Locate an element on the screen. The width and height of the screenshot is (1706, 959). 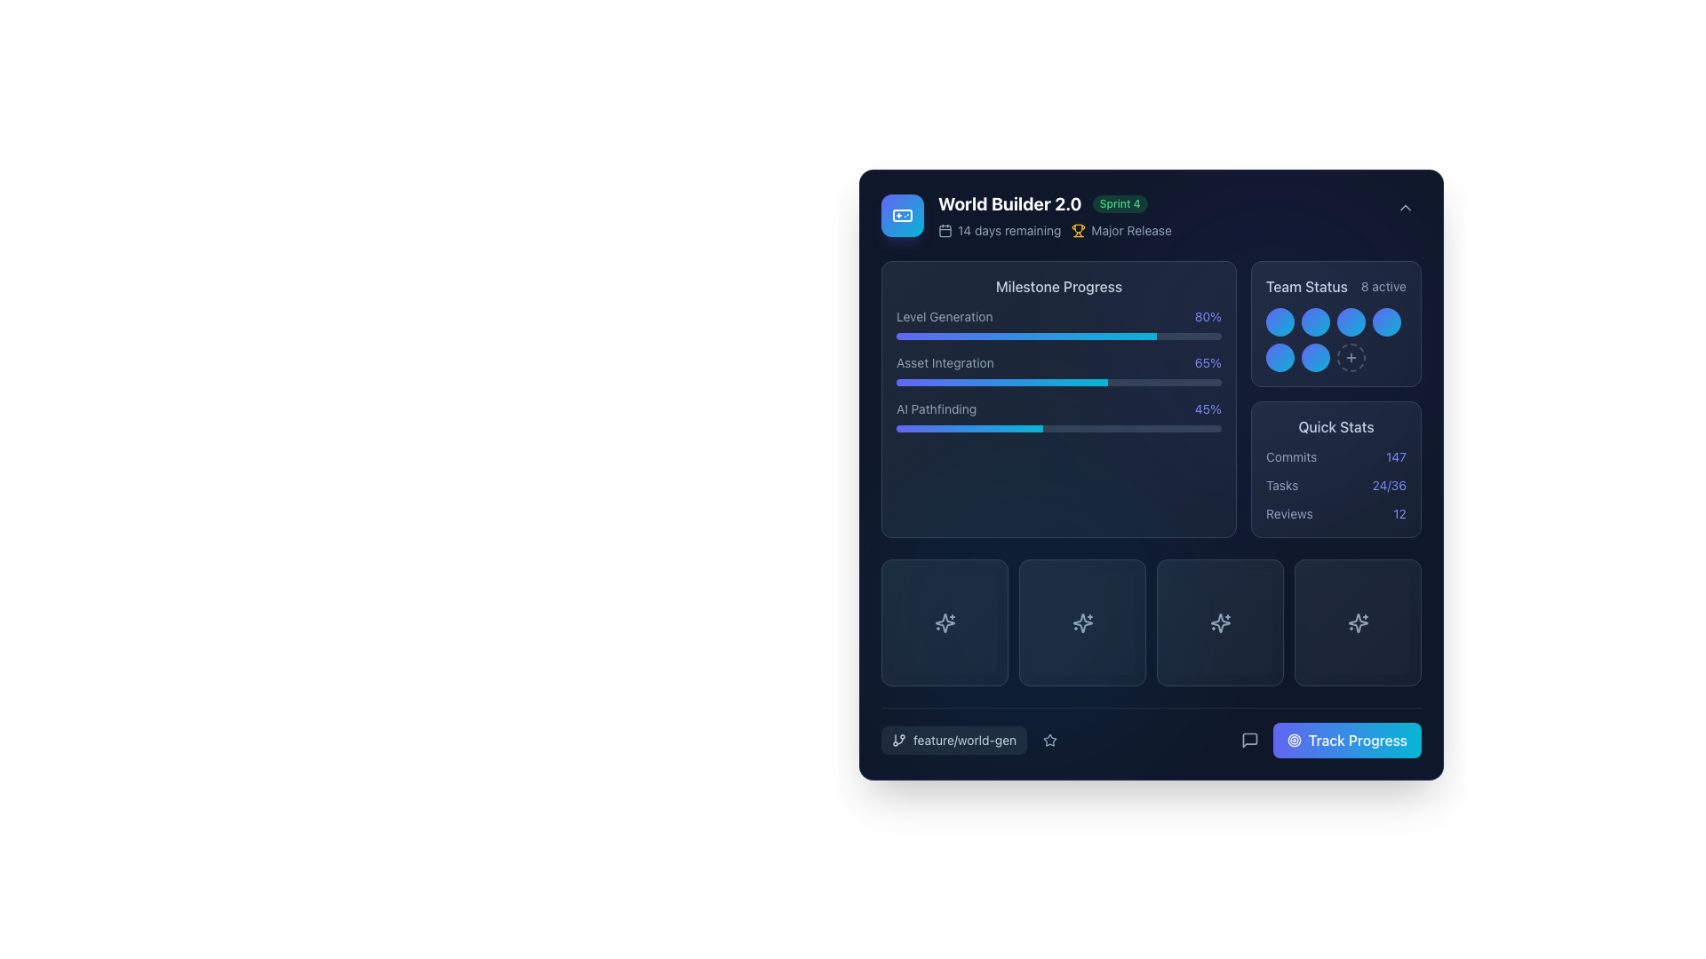
the textual display showing the number of commits in the 'Quick Stats' section, which is the first entry above the 'Tasks 24/36' and 'Reviews 12' labels is located at coordinates (1335, 456).